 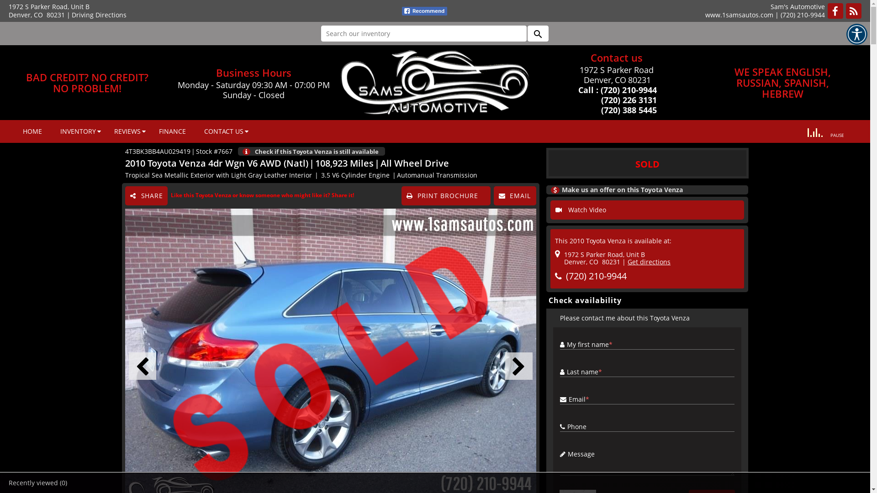 What do you see at coordinates (26, 83) in the screenshot?
I see `'BAD CREDIT? NO CREDIT?` at bounding box center [26, 83].